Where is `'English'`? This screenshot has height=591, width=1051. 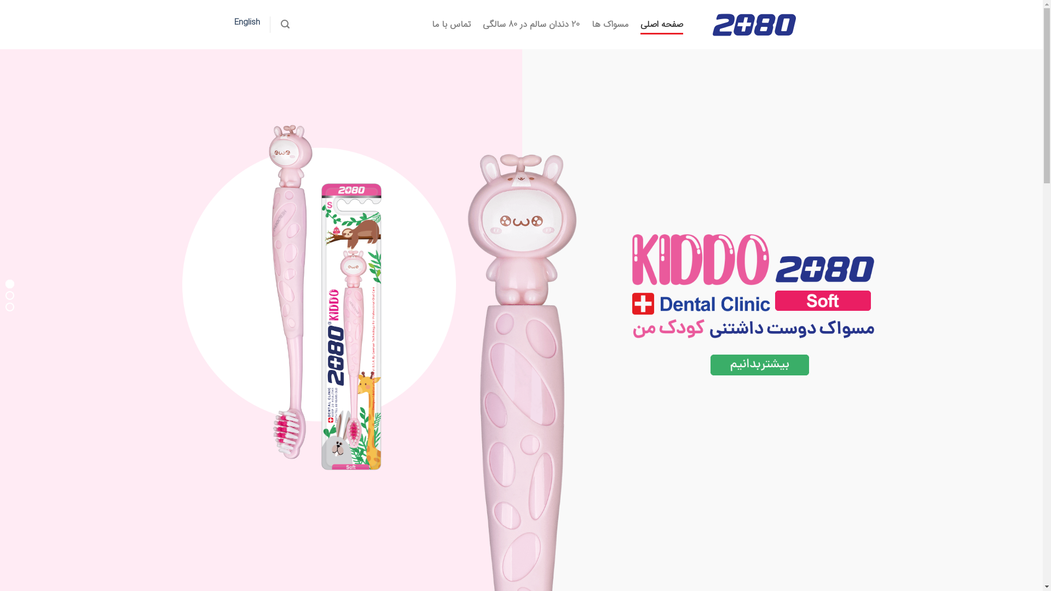 'English' is located at coordinates (246, 22).